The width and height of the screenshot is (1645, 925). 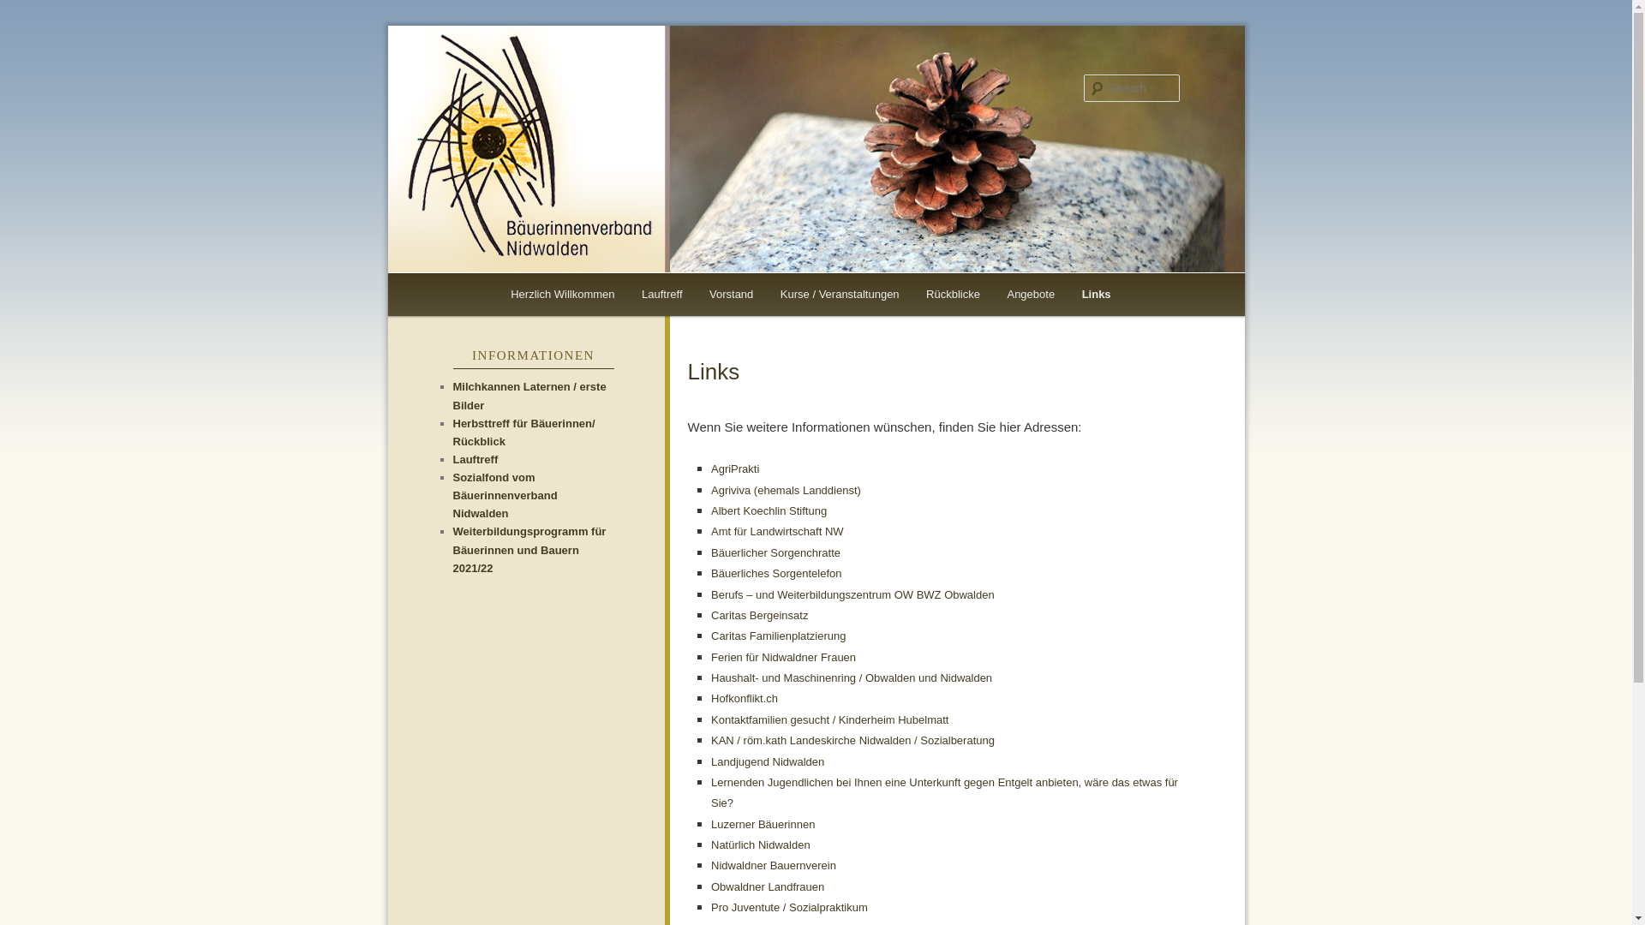 What do you see at coordinates (788, 906) in the screenshot?
I see `'Pro Juventute / Sozialpraktikum'` at bounding box center [788, 906].